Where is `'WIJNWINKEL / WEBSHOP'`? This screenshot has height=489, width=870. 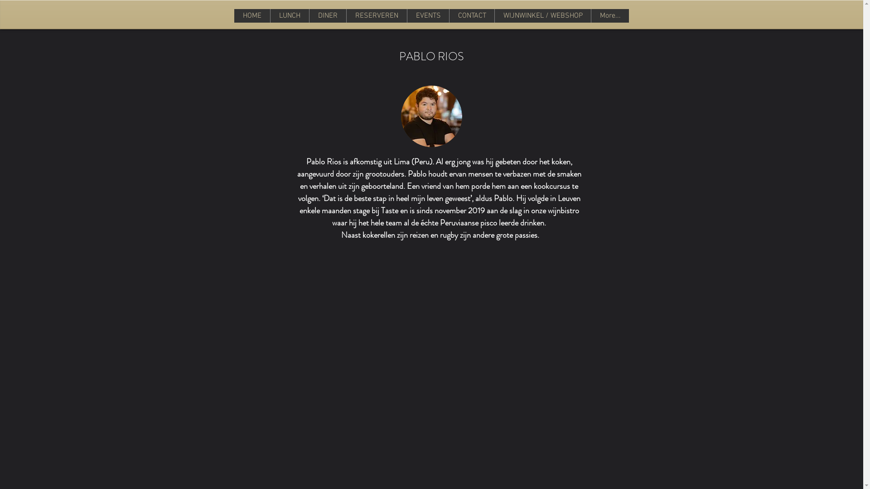 'WIJNWINKEL / WEBSHOP' is located at coordinates (493, 15).